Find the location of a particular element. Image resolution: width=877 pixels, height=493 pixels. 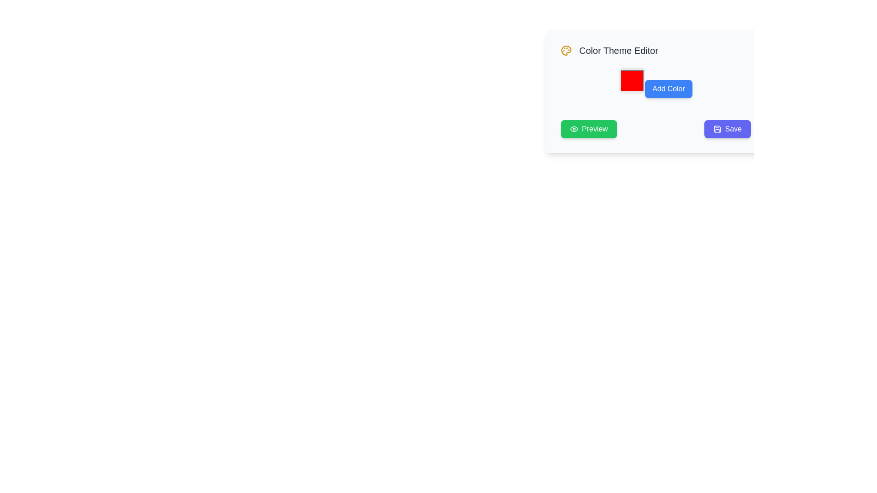

the 'Add Color' button with a blue background and white text in the 'Color Theme Editor' modal is located at coordinates (655, 91).